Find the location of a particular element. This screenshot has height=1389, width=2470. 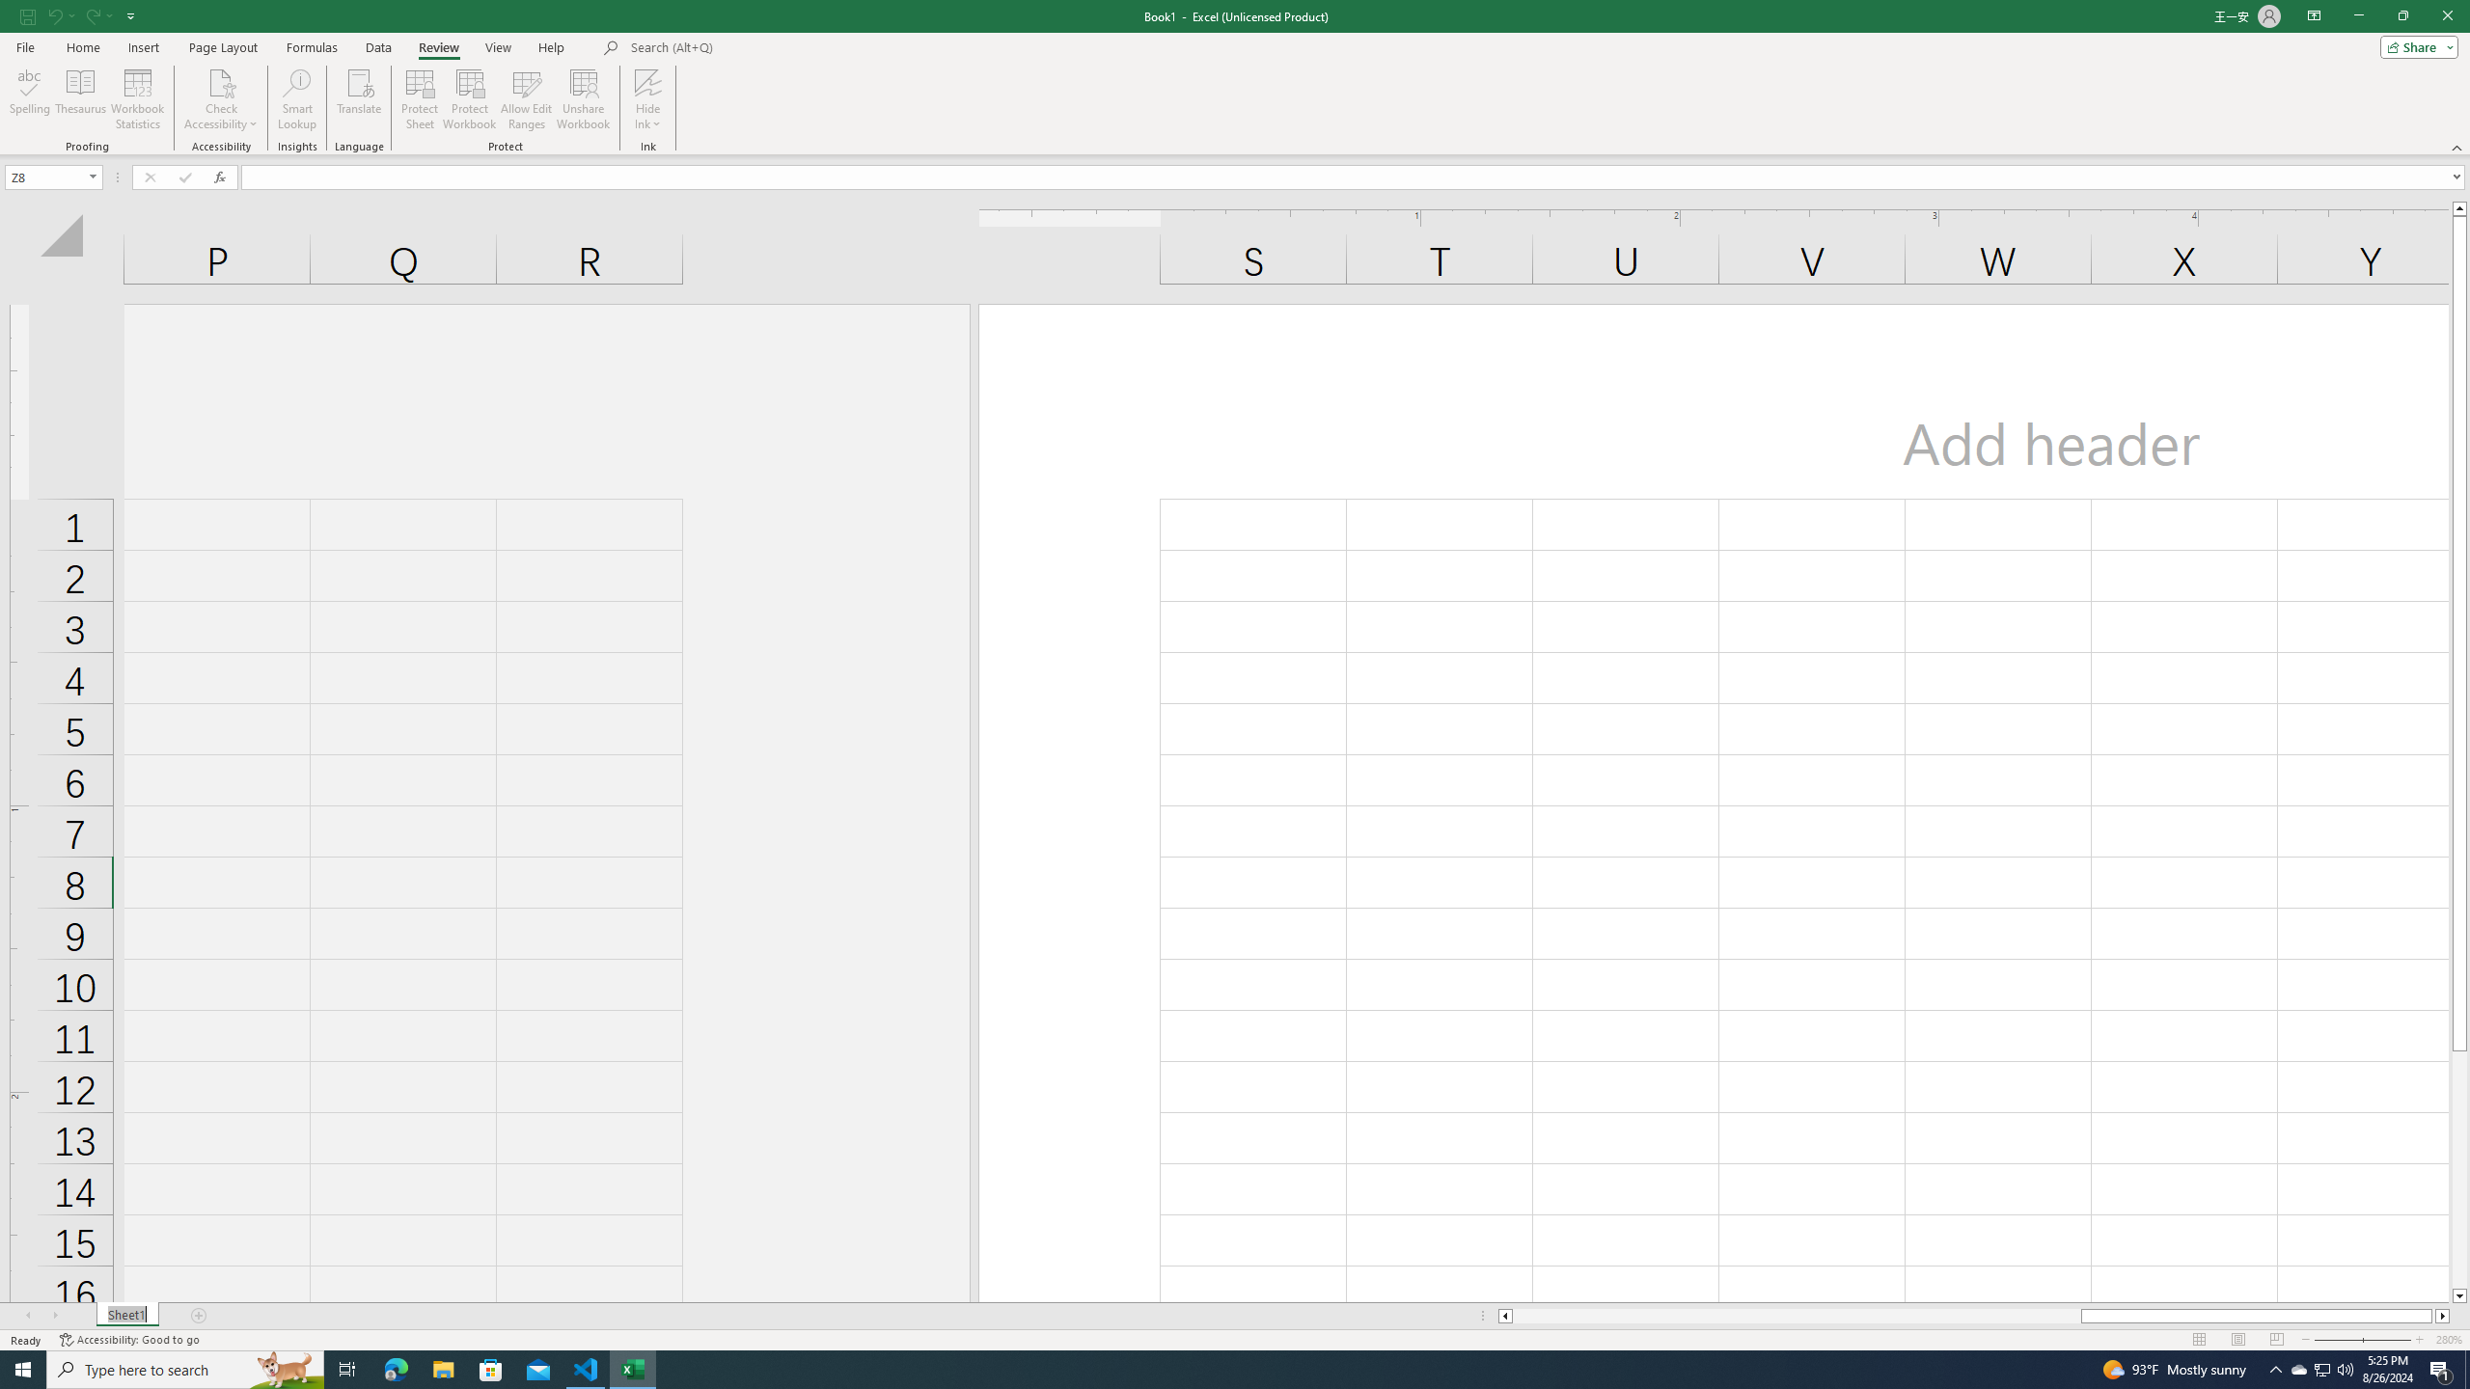

'Zoom Out' is located at coordinates (2351, 1340).